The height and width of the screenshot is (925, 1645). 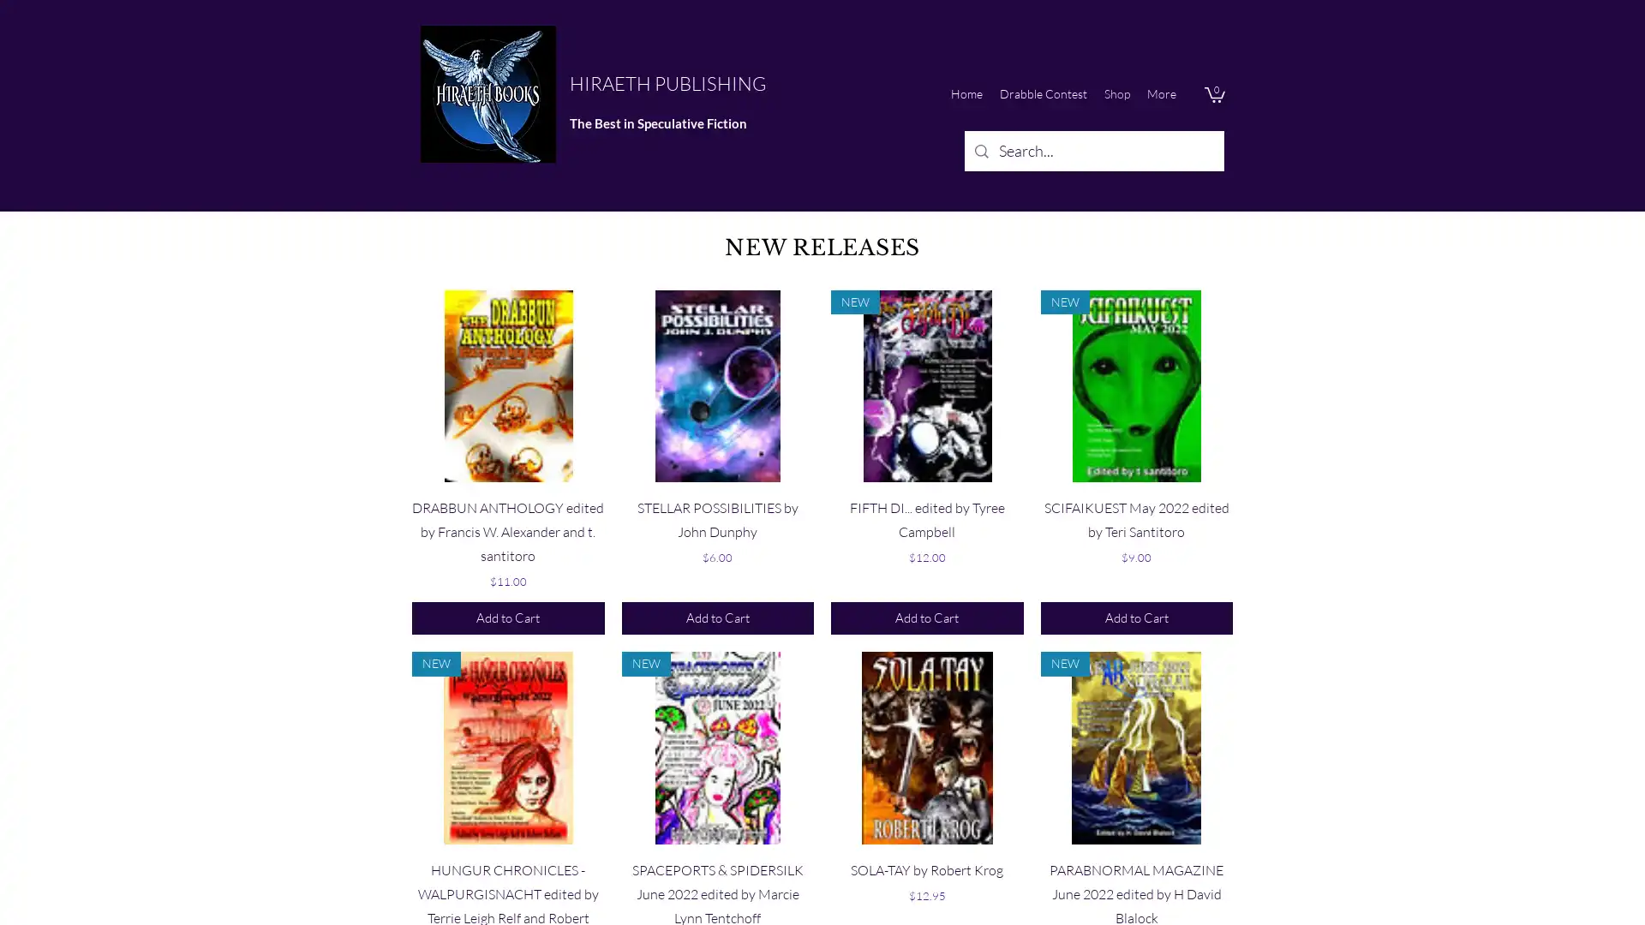 What do you see at coordinates (1136, 618) in the screenshot?
I see `Add to Cart` at bounding box center [1136, 618].